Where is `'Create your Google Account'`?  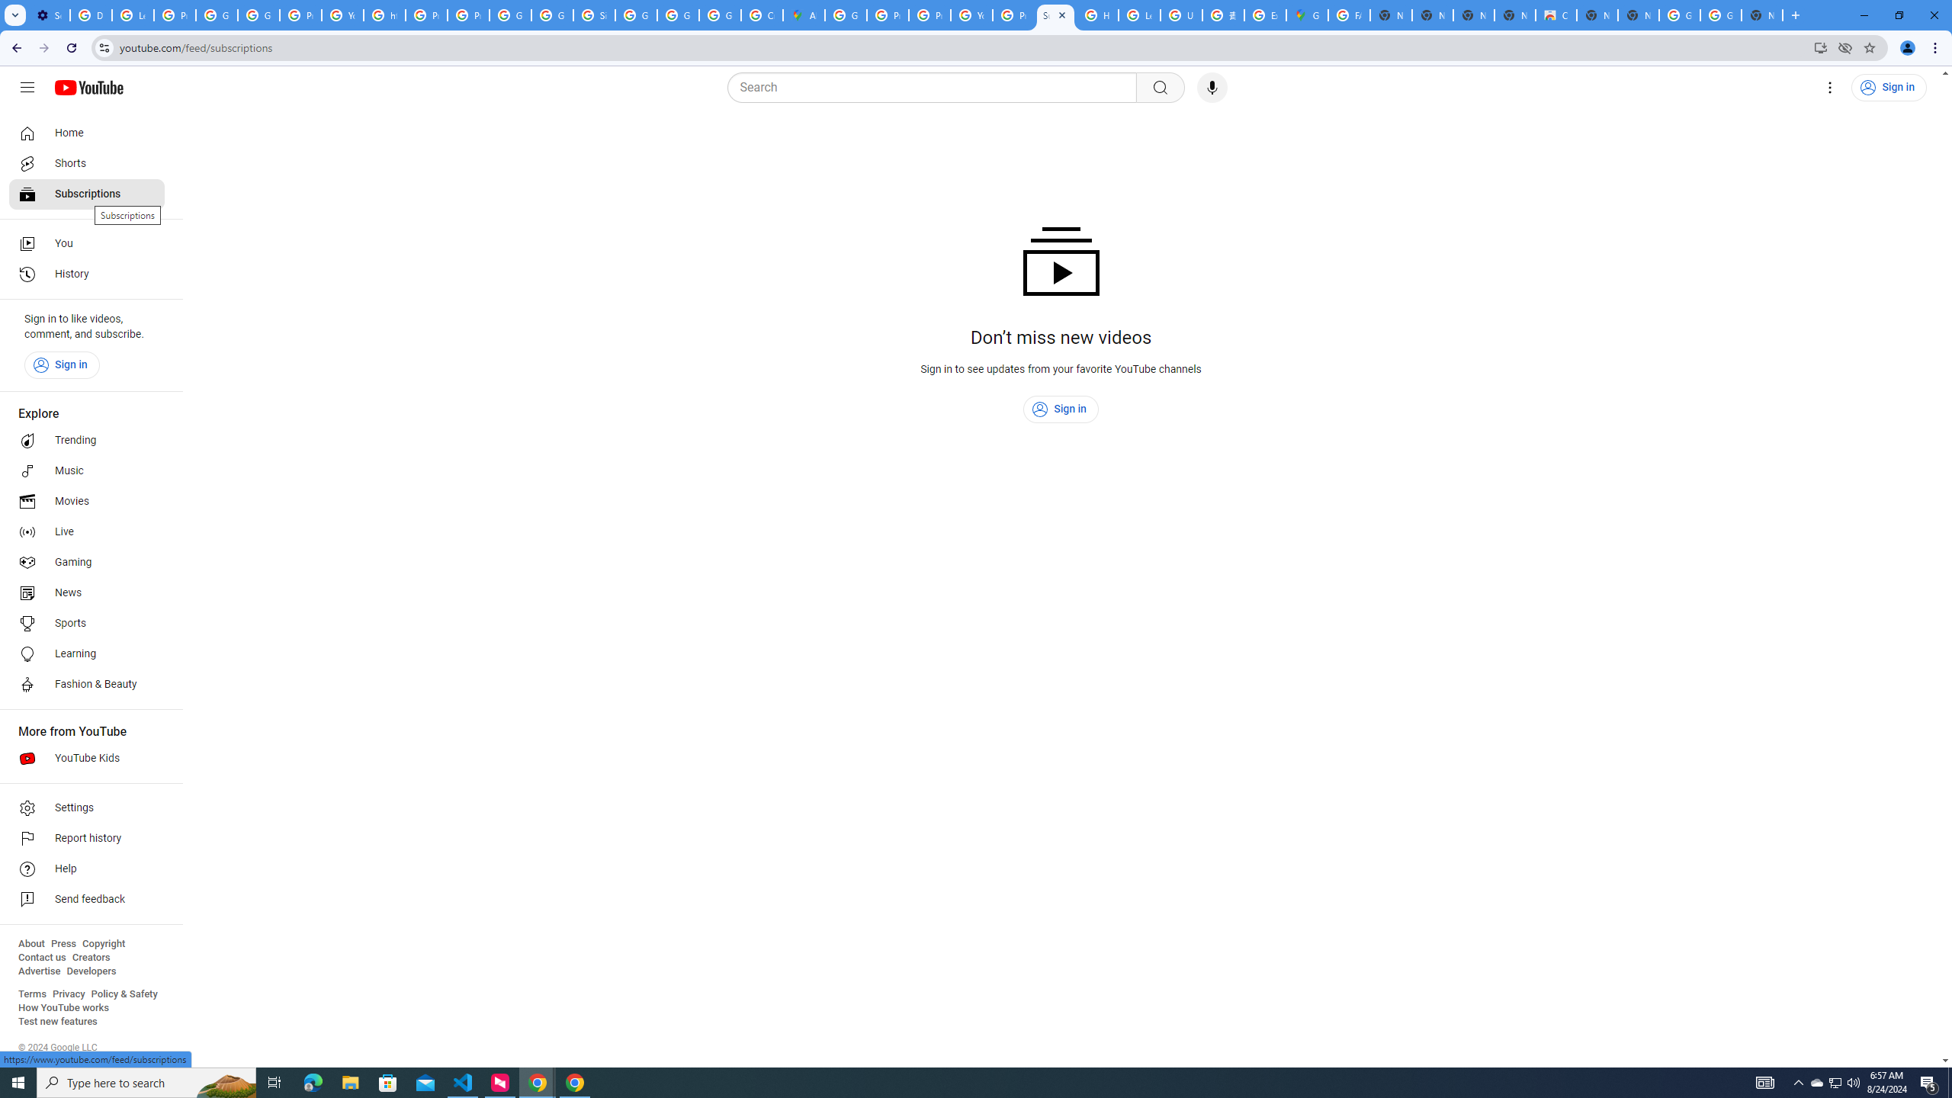 'Create your Google Account' is located at coordinates (761, 14).